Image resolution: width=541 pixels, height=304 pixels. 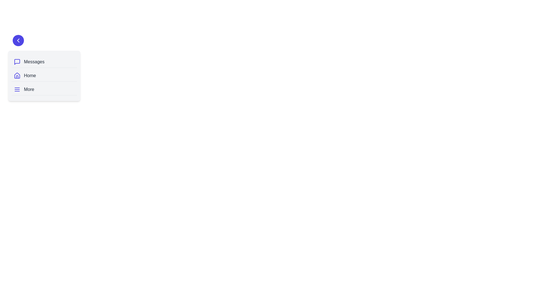 What do you see at coordinates (44, 75) in the screenshot?
I see `the navigation item labeled 'Home'` at bounding box center [44, 75].